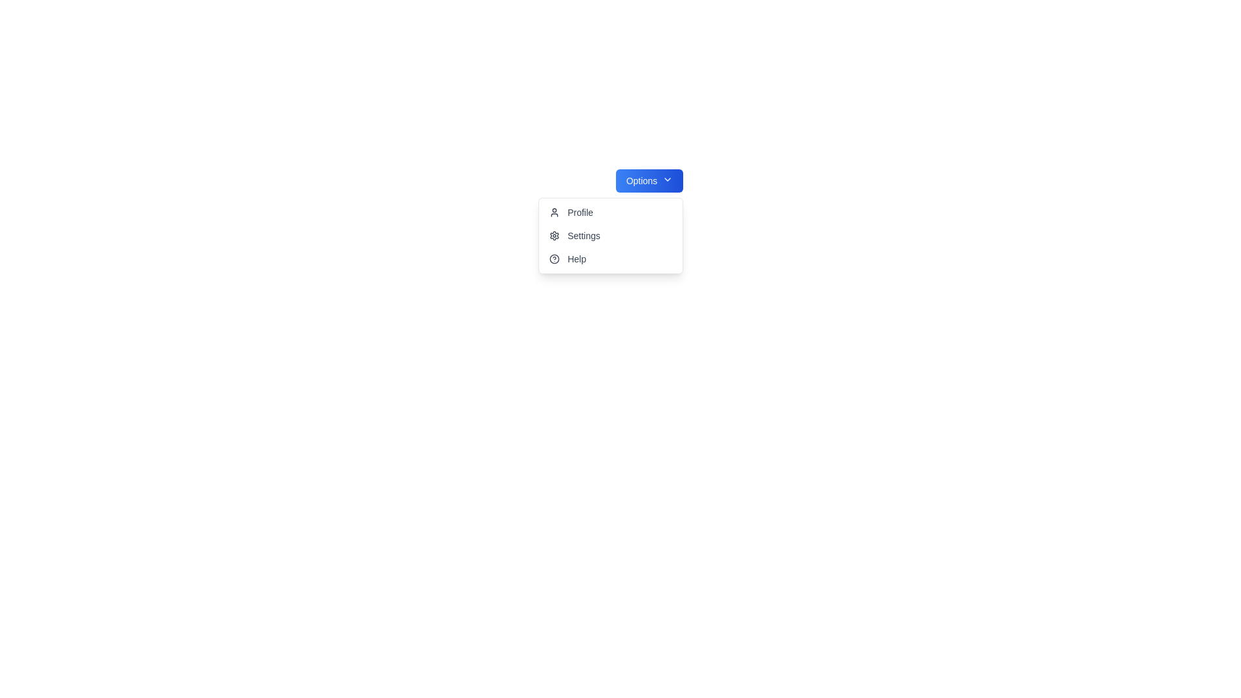  I want to click on the downward-pointing chevron icon located to the right of the 'Options' button, so click(668, 179).